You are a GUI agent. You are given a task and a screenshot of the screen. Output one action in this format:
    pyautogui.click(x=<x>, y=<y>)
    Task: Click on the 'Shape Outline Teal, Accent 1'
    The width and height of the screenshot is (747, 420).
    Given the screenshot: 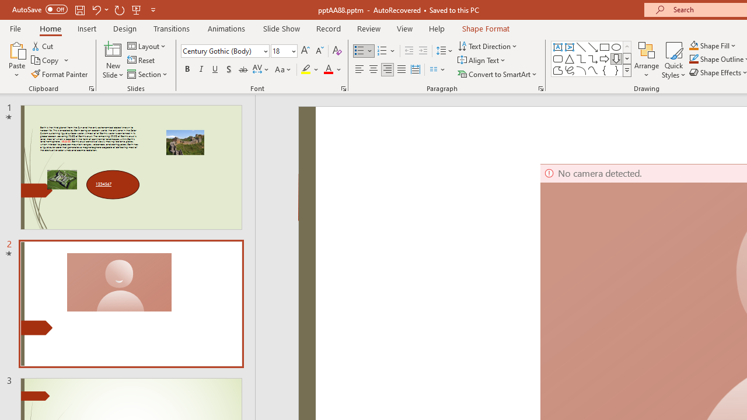 What is the action you would take?
    pyautogui.click(x=694, y=59)
    